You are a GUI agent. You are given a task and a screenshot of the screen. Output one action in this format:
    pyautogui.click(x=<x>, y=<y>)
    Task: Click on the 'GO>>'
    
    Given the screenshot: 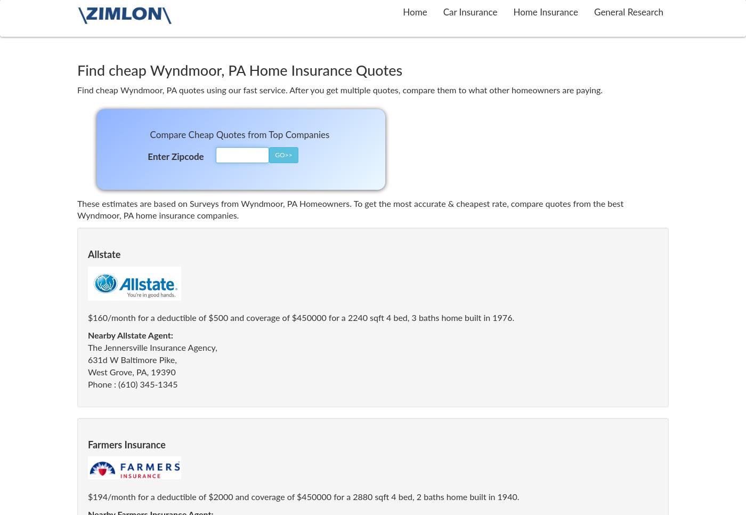 What is the action you would take?
    pyautogui.click(x=283, y=154)
    